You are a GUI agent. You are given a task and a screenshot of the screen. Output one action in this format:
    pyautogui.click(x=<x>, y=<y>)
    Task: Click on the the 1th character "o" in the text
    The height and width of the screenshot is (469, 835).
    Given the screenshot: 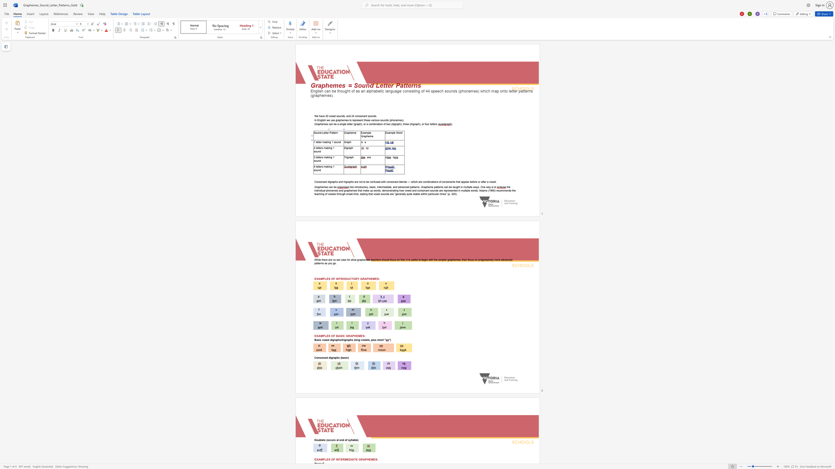 What is the action you would take?
    pyautogui.click(x=399, y=132)
    